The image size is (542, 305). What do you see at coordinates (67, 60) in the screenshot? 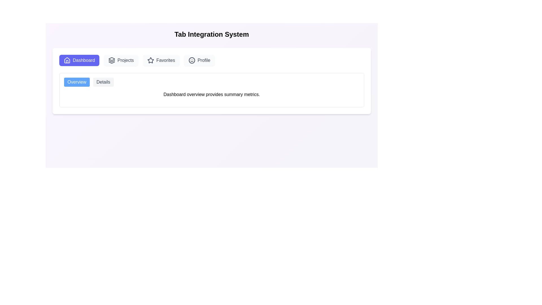
I see `the Dashboard icon located at the top-left of the interface` at bounding box center [67, 60].